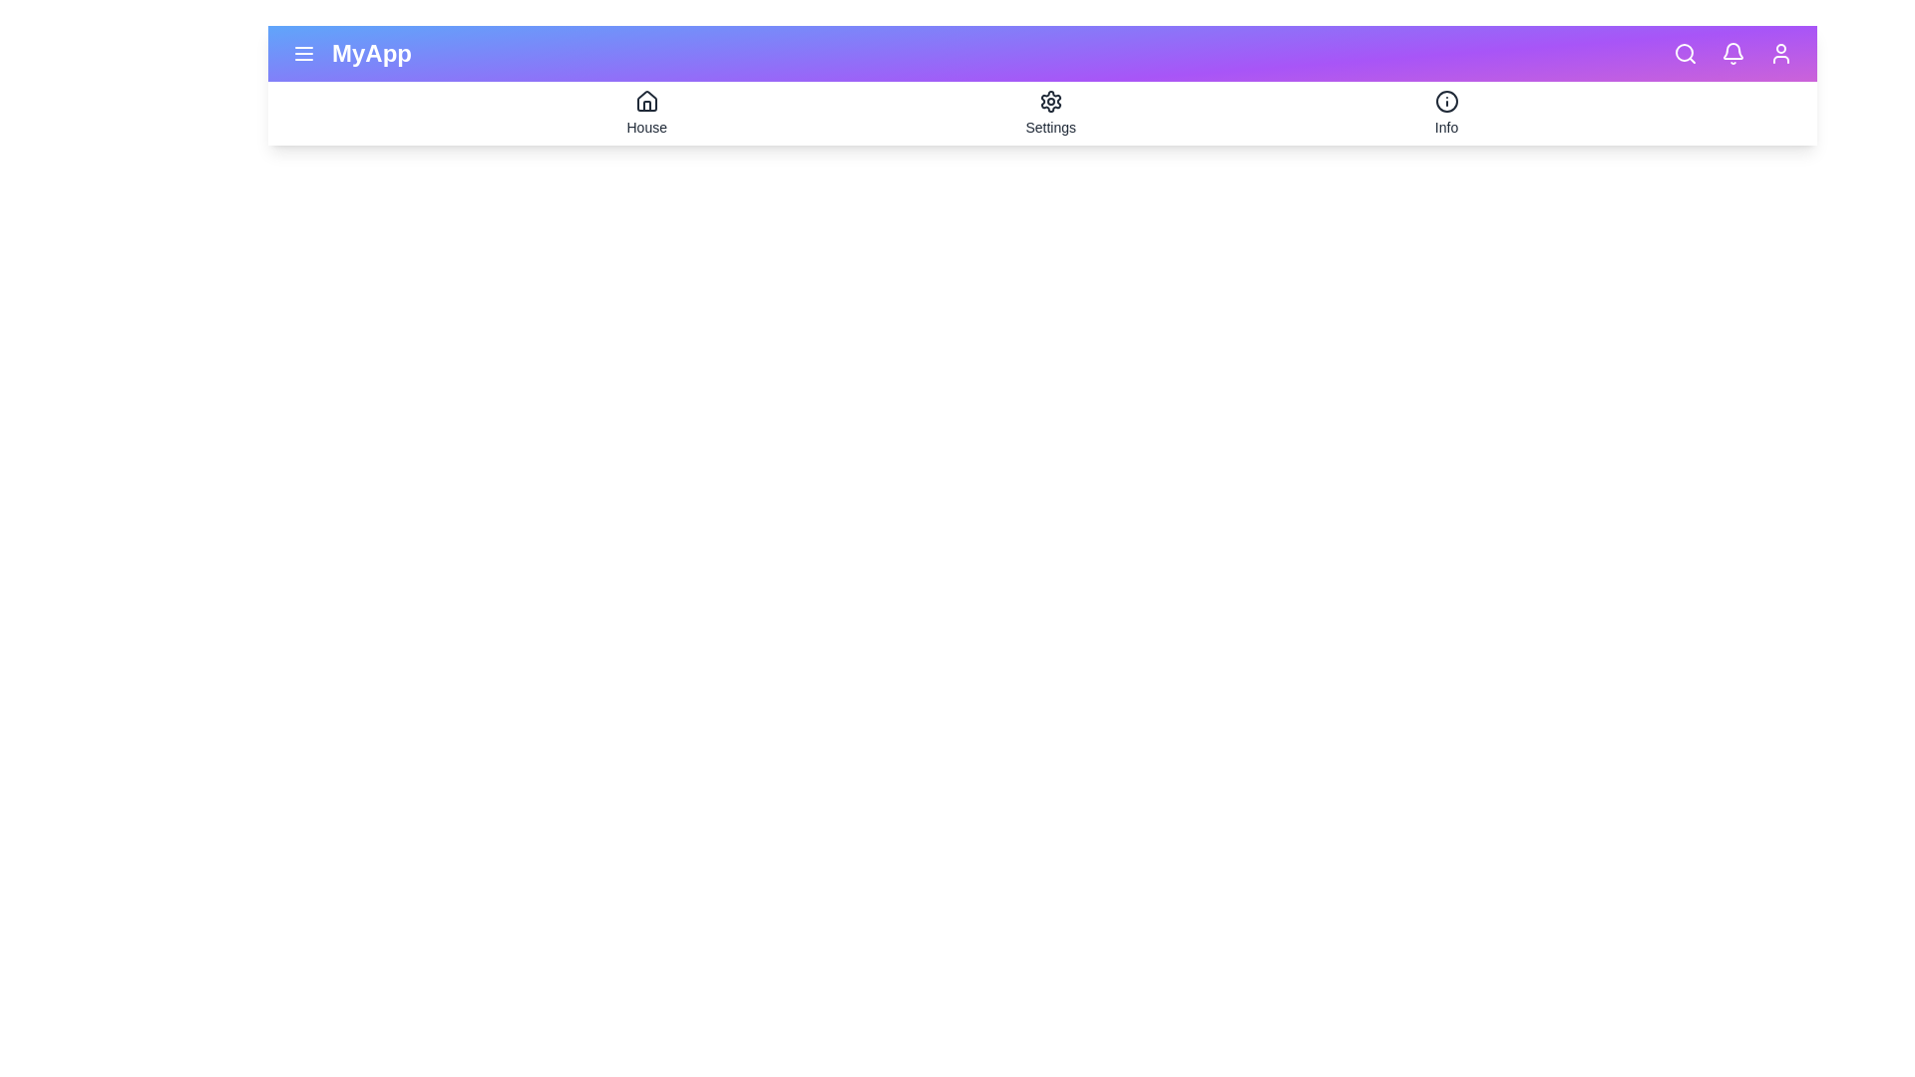  I want to click on the search icon to initiate a search, so click(1684, 53).